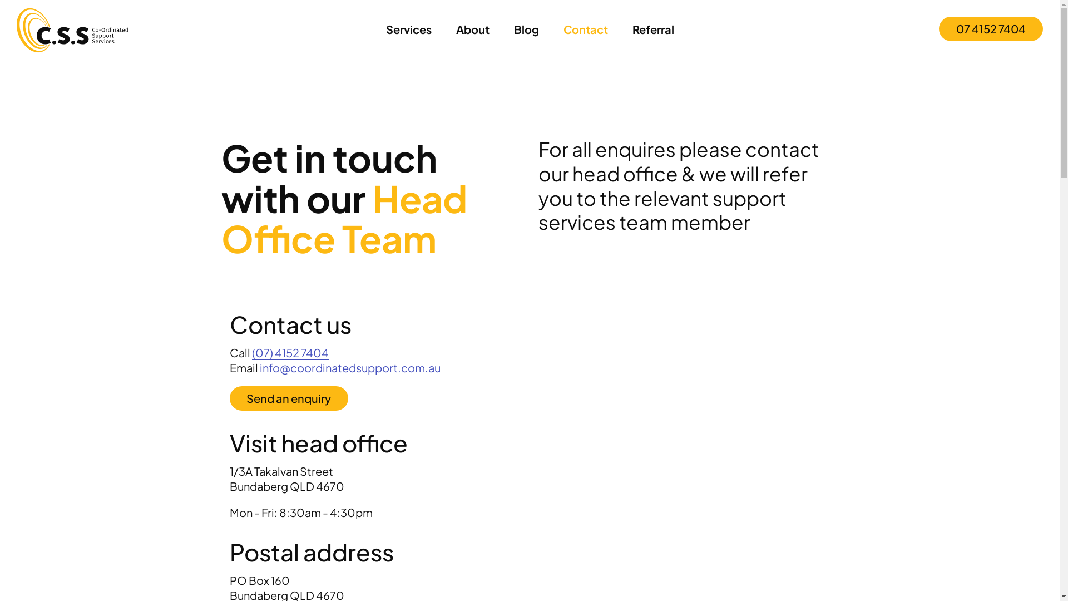 The width and height of the screenshot is (1068, 601). What do you see at coordinates (991, 28) in the screenshot?
I see `'07 4152 7404'` at bounding box center [991, 28].